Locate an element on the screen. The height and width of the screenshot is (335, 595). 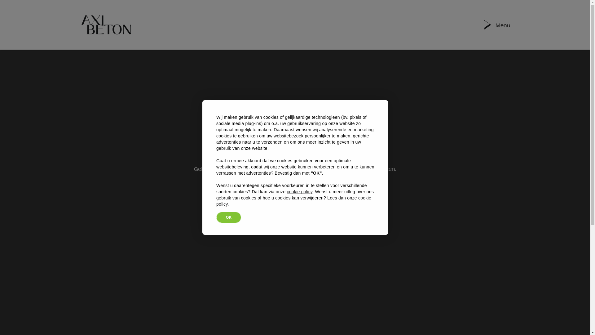
'Menu' is located at coordinates (503, 24).